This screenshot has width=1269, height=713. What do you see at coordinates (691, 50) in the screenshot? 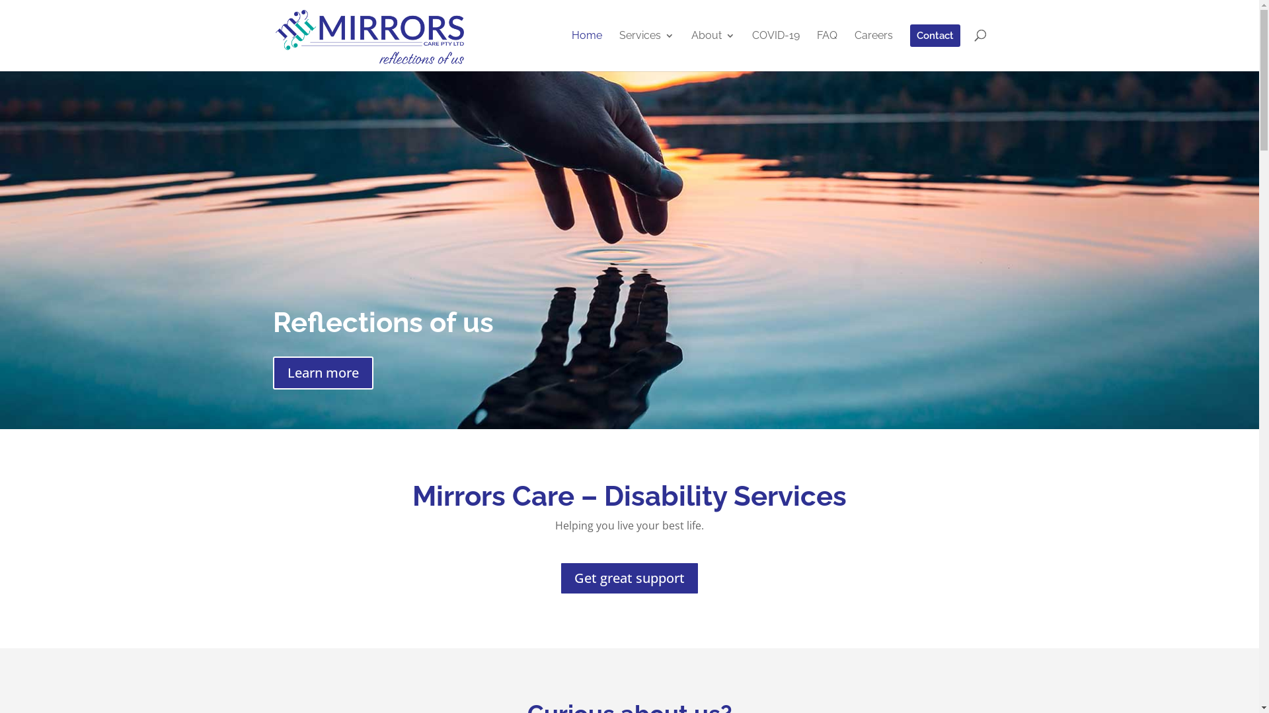
I see `'About'` at bounding box center [691, 50].